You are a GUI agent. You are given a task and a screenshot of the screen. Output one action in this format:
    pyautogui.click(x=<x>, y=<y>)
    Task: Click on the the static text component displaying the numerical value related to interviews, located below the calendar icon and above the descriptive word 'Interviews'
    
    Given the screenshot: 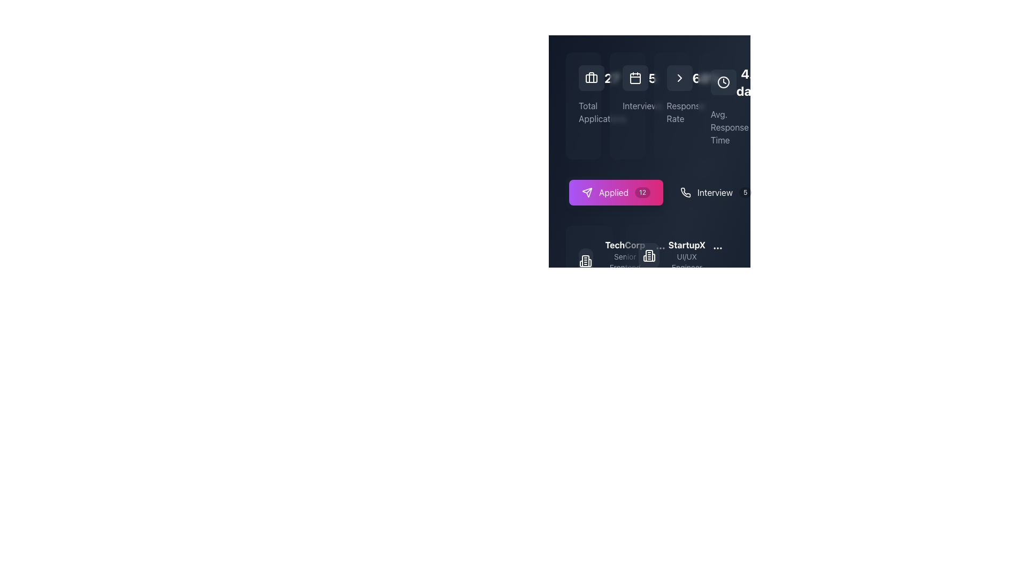 What is the action you would take?
    pyautogui.click(x=627, y=78)
    